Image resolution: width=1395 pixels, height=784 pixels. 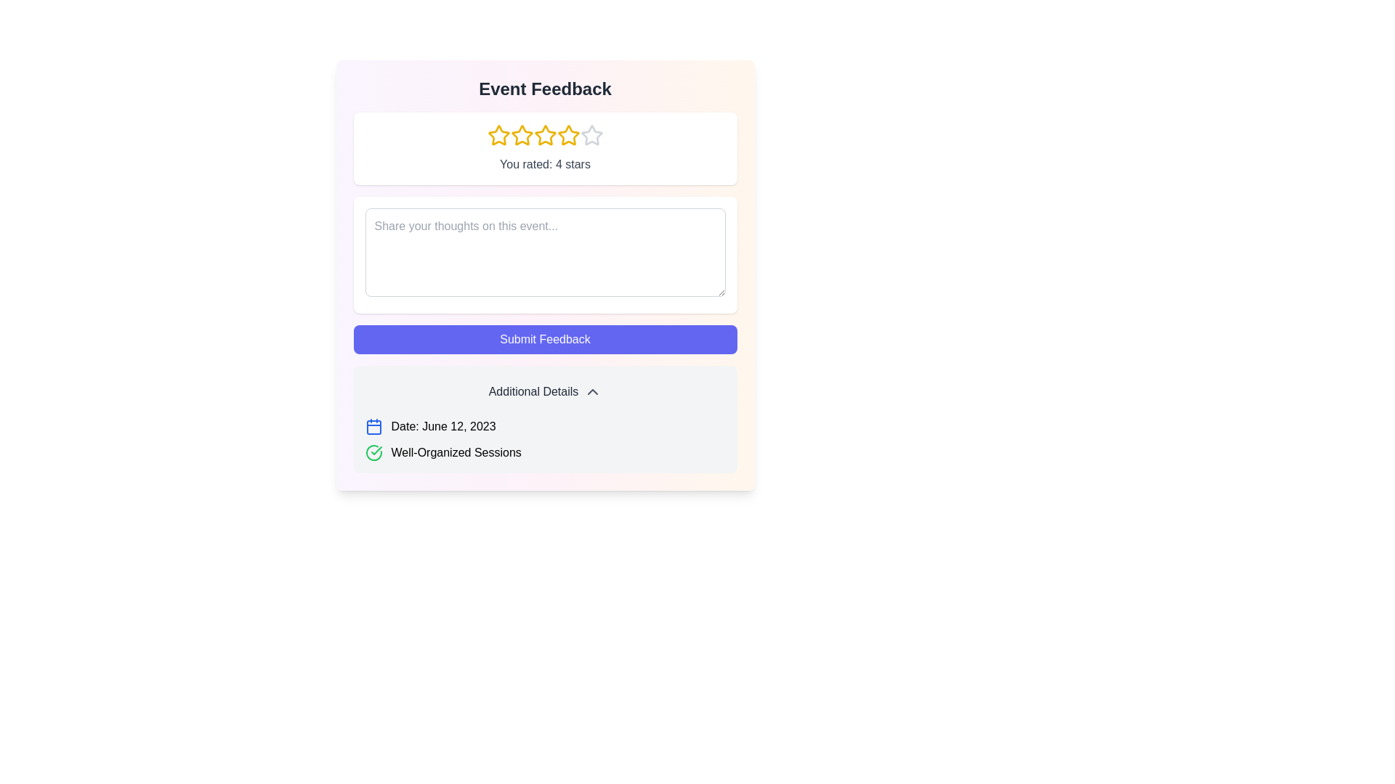 What do you see at coordinates (567, 135) in the screenshot?
I see `the fourth yellow star icon in the rating row` at bounding box center [567, 135].